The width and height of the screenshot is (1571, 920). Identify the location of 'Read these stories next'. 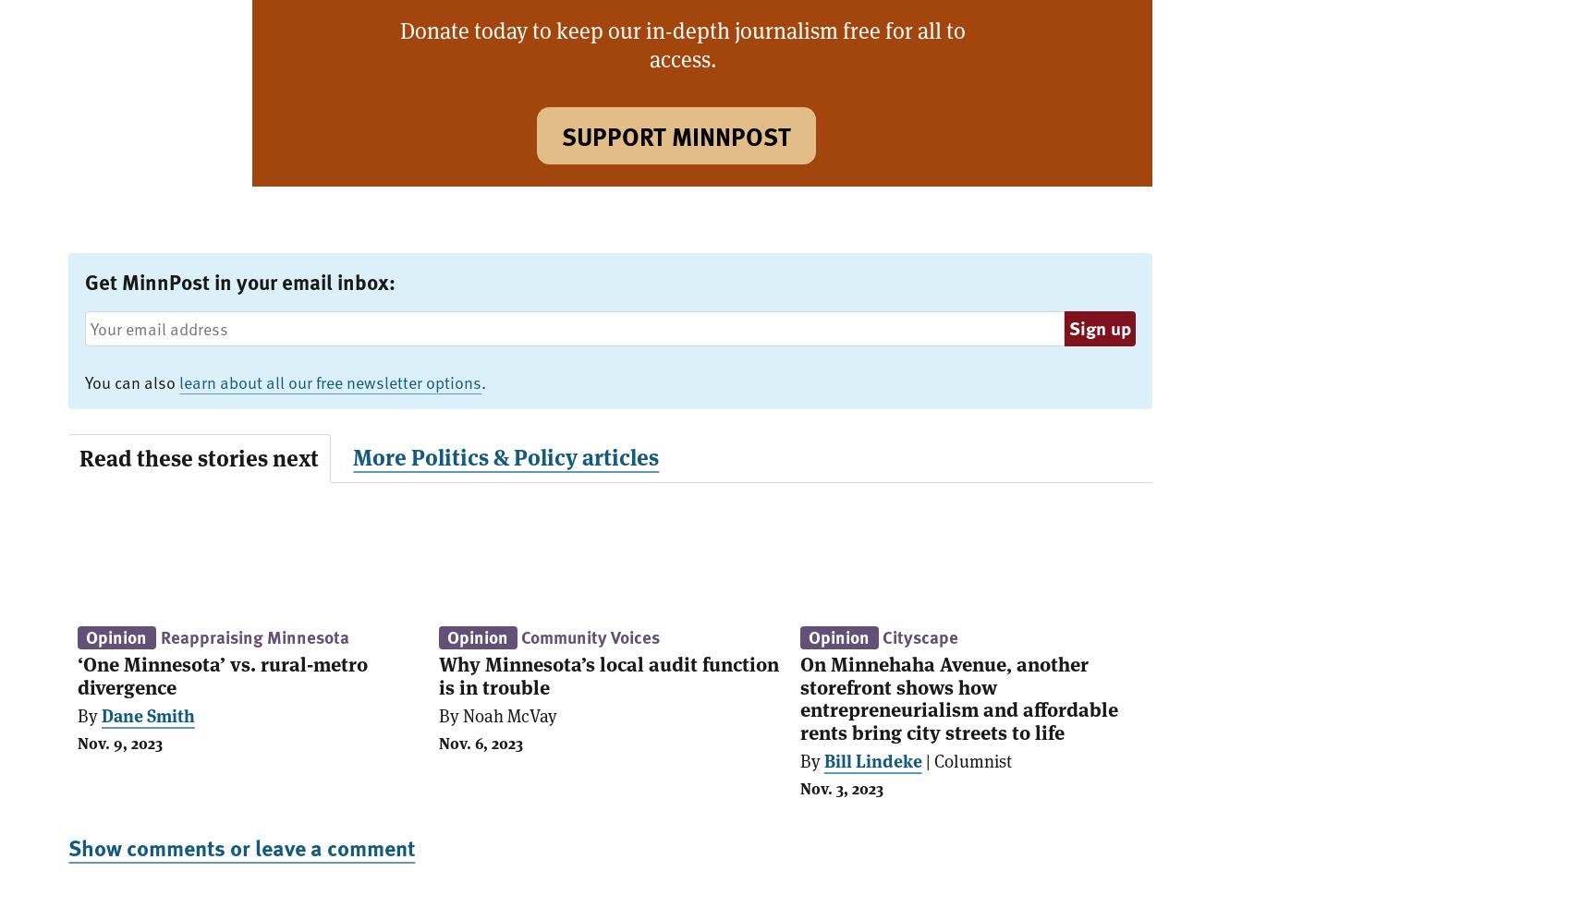
(199, 456).